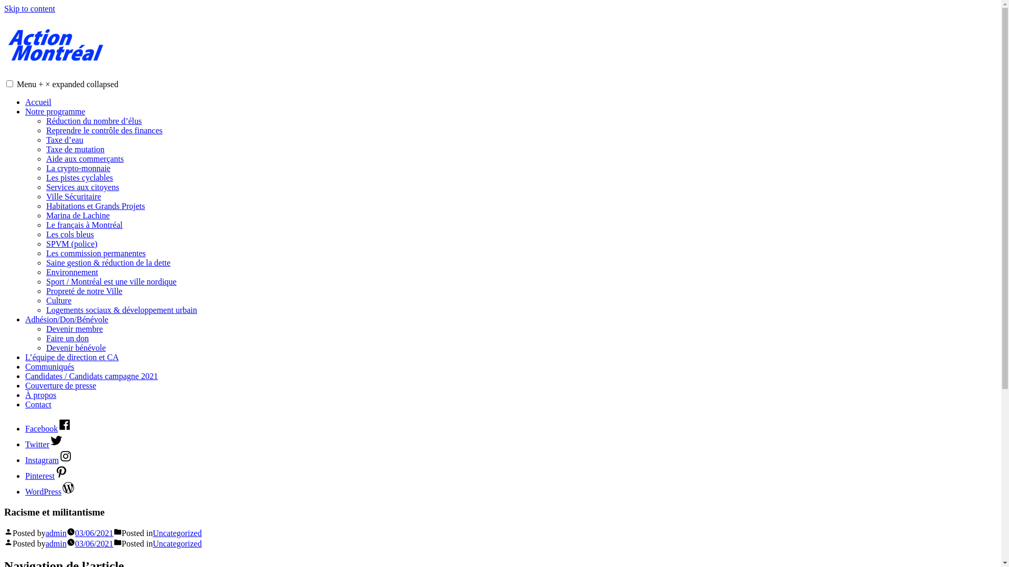 The width and height of the screenshot is (1009, 567). What do you see at coordinates (77, 167) in the screenshot?
I see `'La crypto-monnaie'` at bounding box center [77, 167].